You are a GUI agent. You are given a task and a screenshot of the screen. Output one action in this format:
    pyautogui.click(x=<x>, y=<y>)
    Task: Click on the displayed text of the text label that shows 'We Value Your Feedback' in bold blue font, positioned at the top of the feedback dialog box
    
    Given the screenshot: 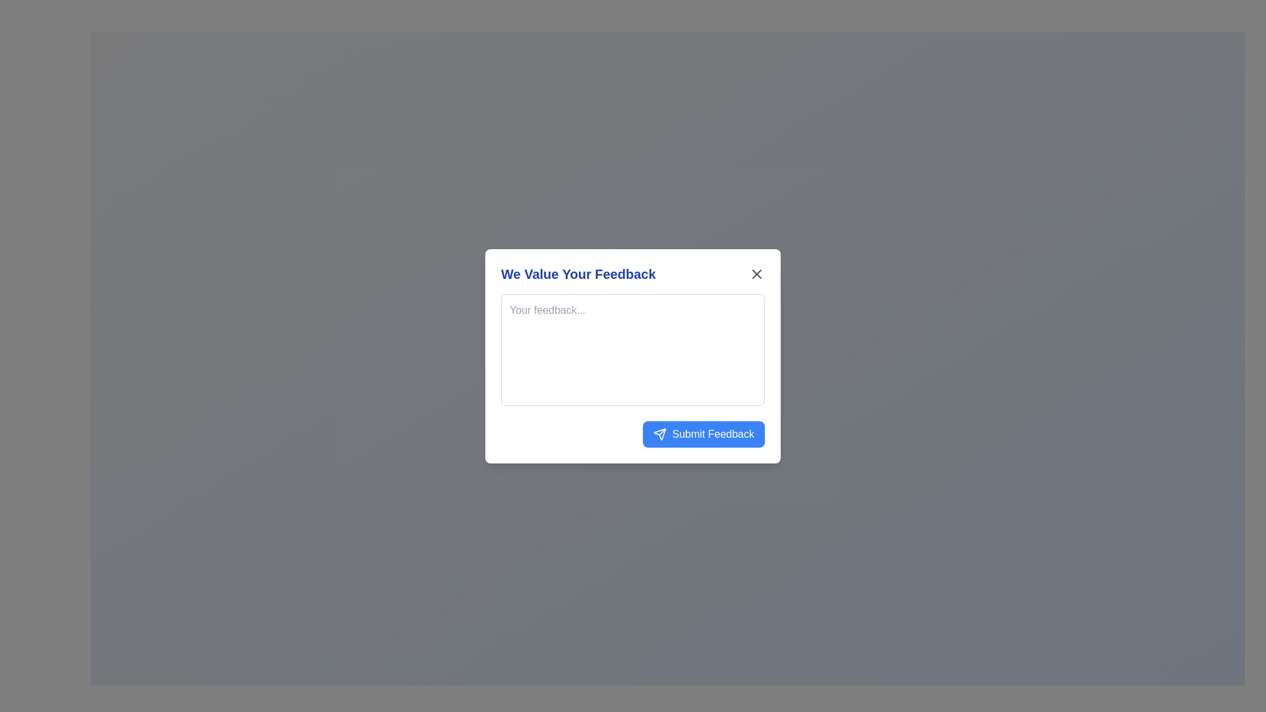 What is the action you would take?
    pyautogui.click(x=578, y=273)
    